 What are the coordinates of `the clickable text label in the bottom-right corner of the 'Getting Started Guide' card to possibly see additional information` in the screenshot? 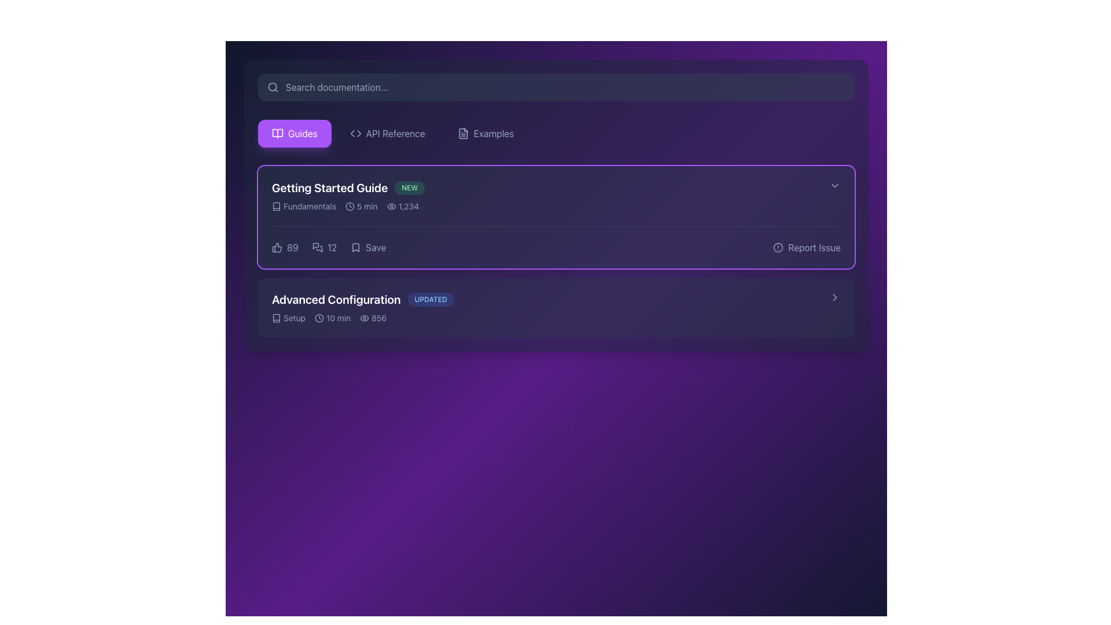 It's located at (814, 247).